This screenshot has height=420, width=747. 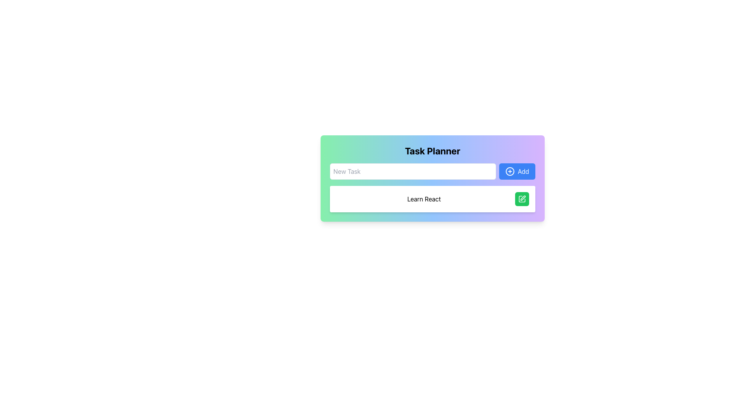 What do you see at coordinates (432, 199) in the screenshot?
I see `the 'Learn React' task item` at bounding box center [432, 199].